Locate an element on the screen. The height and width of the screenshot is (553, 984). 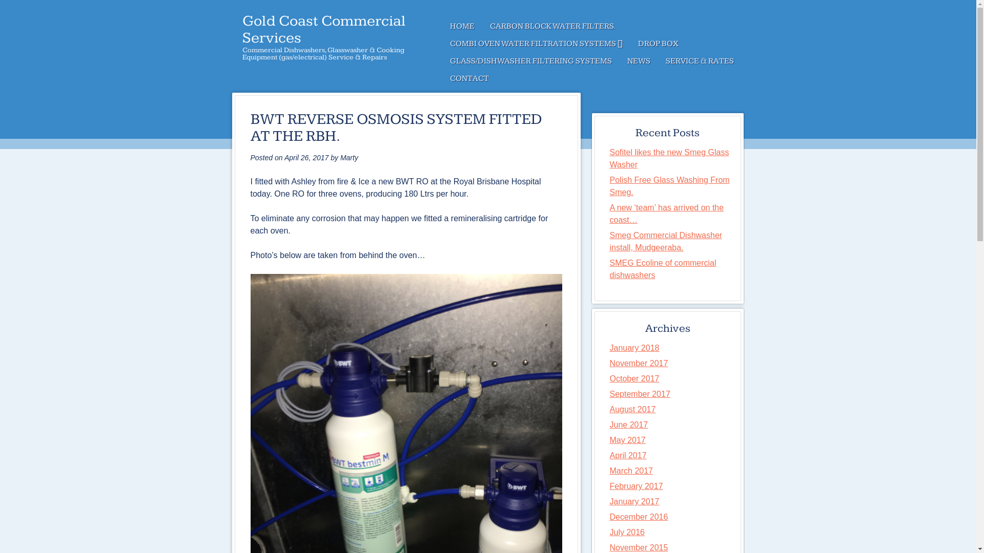
'May 2017' is located at coordinates (627, 439).